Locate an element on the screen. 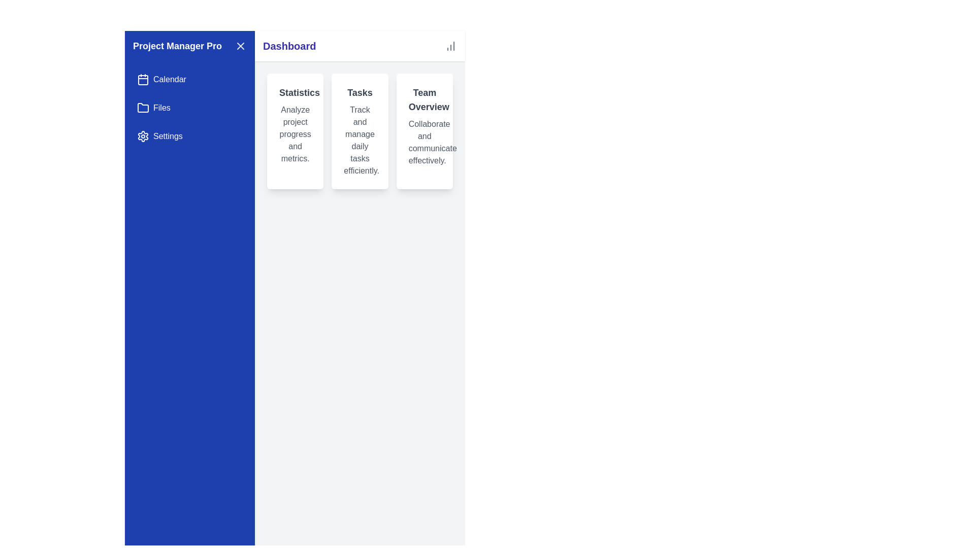 Image resolution: width=975 pixels, height=548 pixels. text 'Team Overview' which is the title of the card located at the top of the third card from the left in the Dashboard section is located at coordinates (425, 99).